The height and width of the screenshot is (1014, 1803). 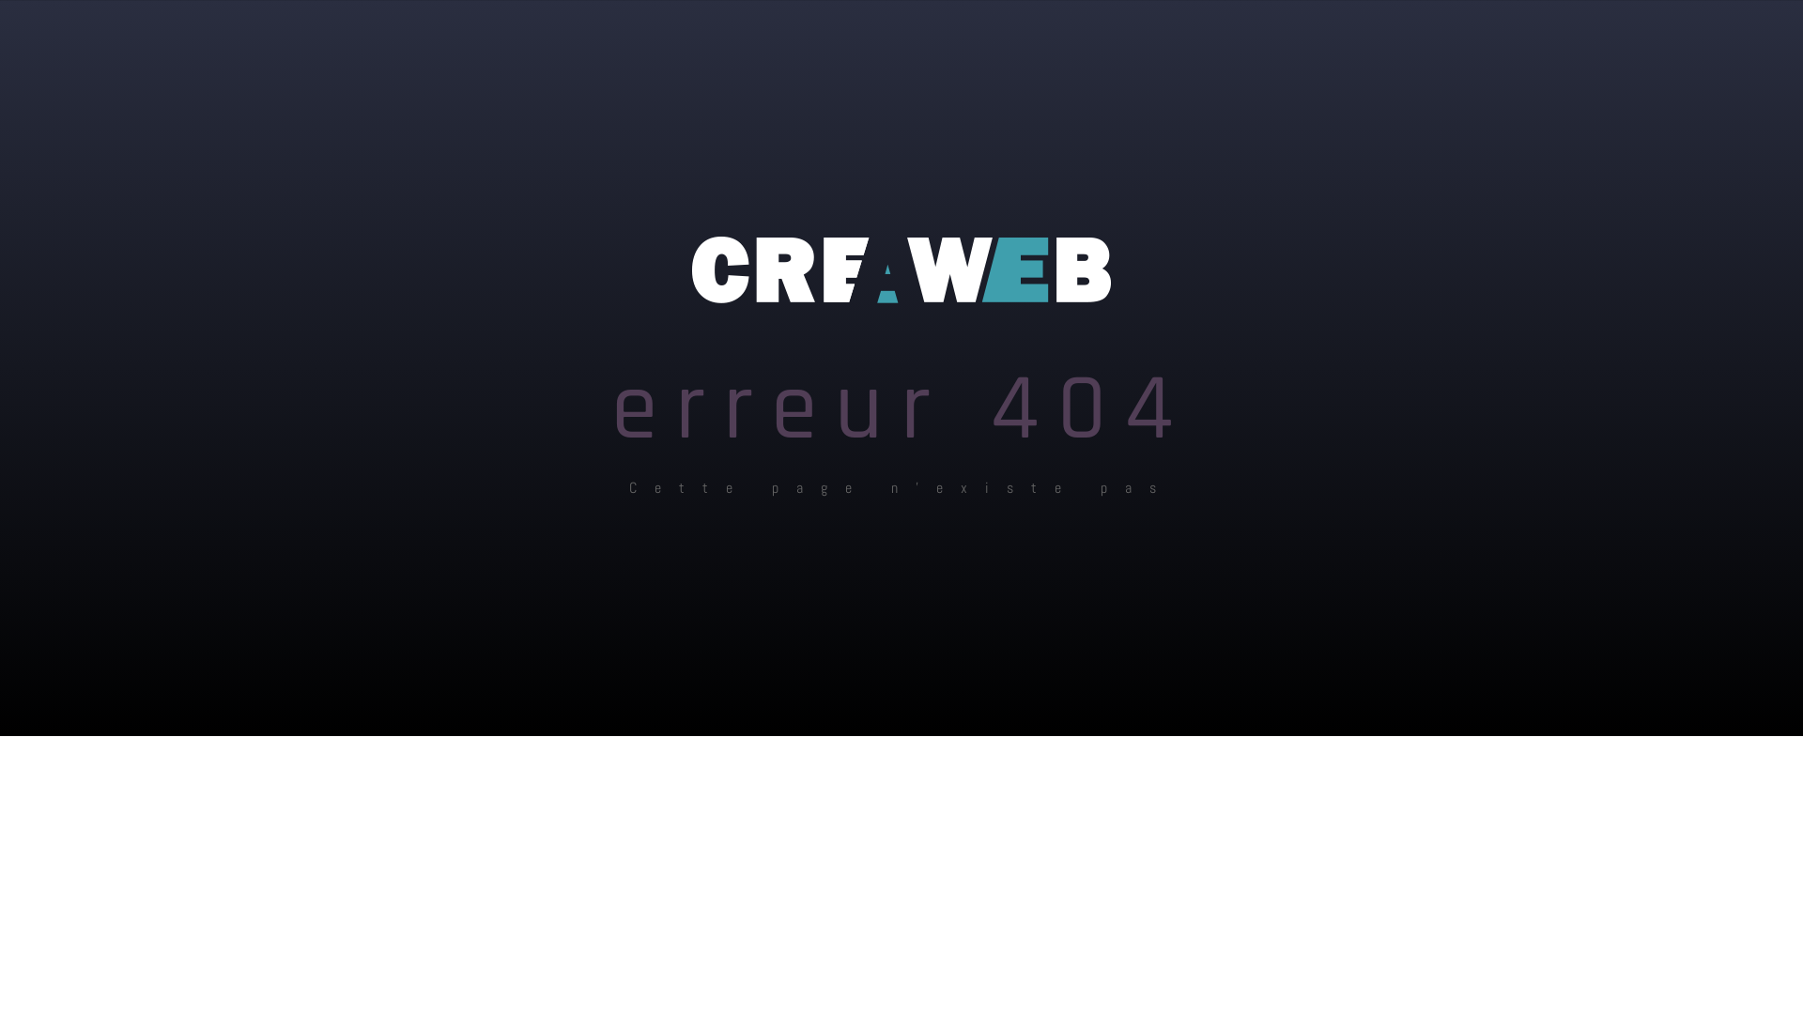 I want to click on 'LOGO', so click(x=901, y=269).